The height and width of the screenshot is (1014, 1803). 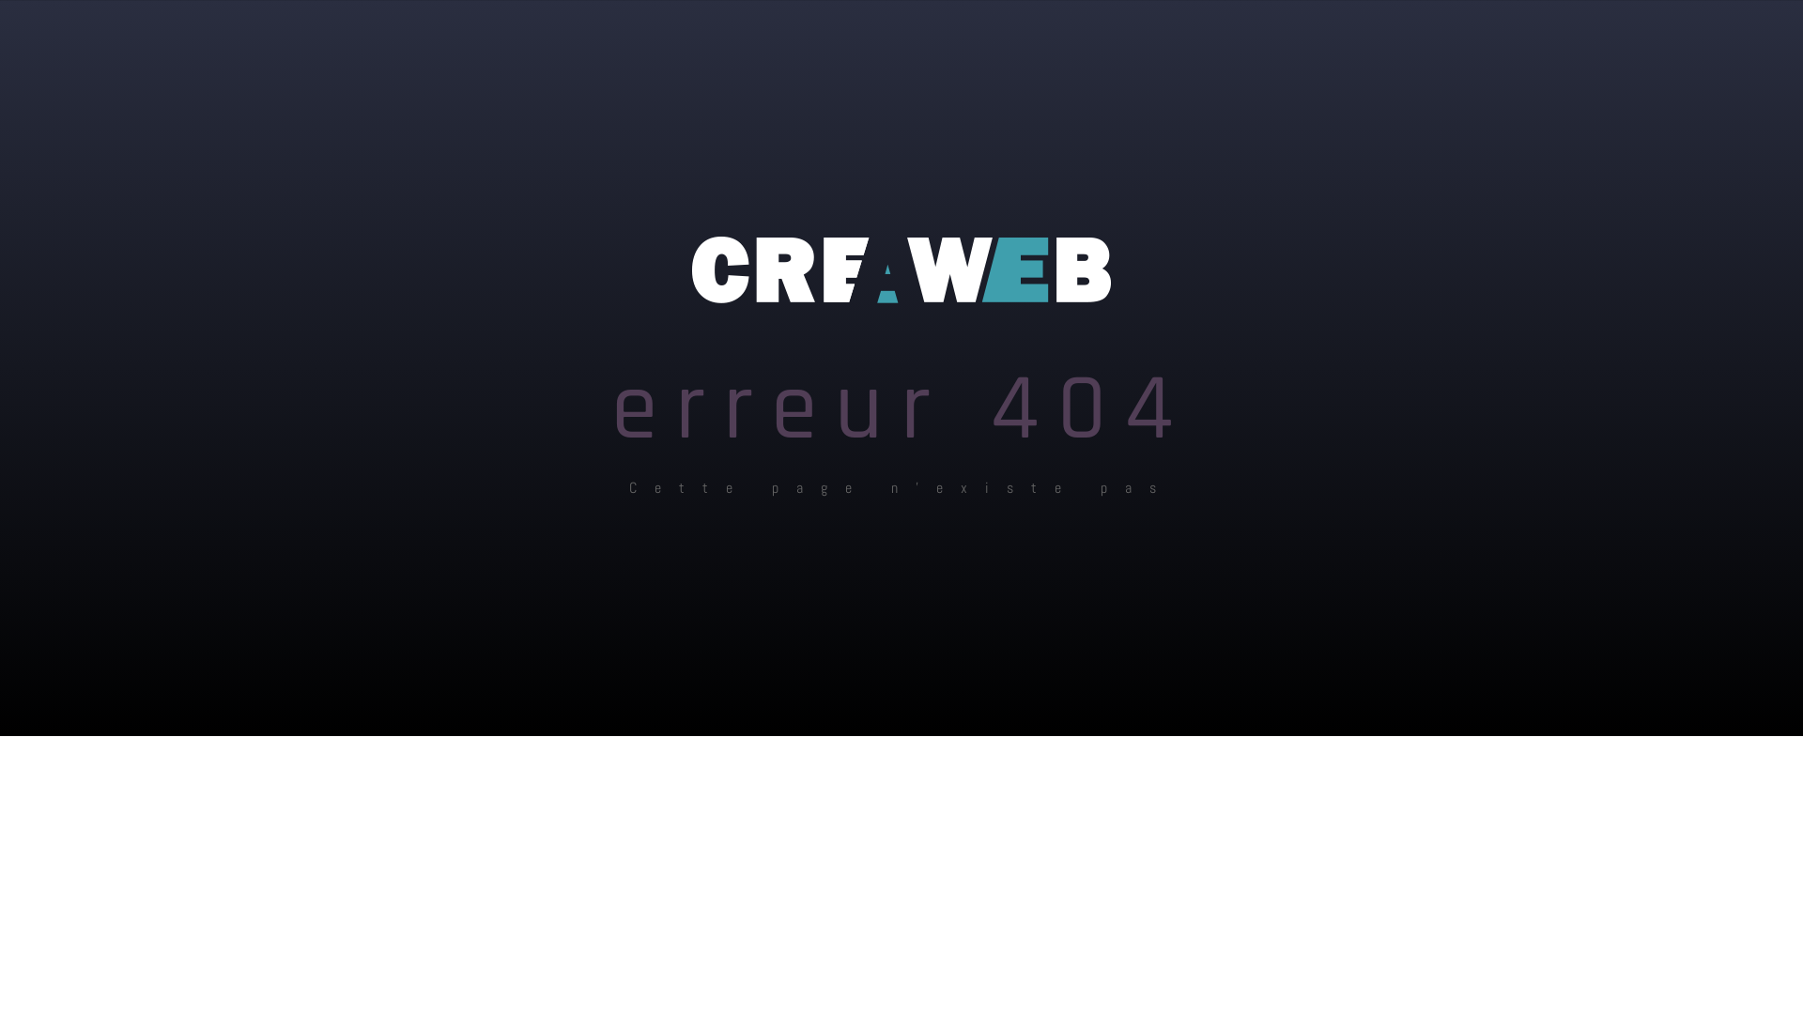 I want to click on 'LOGO', so click(x=901, y=269).